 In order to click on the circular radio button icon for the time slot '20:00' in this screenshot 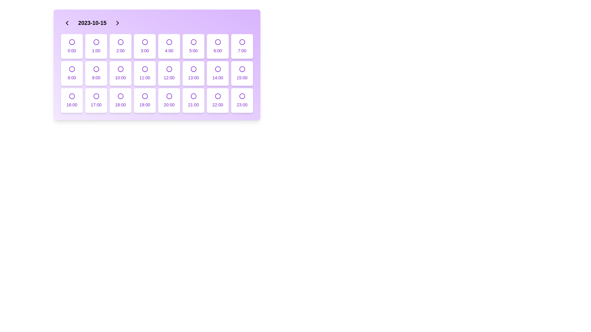, I will do `click(169, 96)`.